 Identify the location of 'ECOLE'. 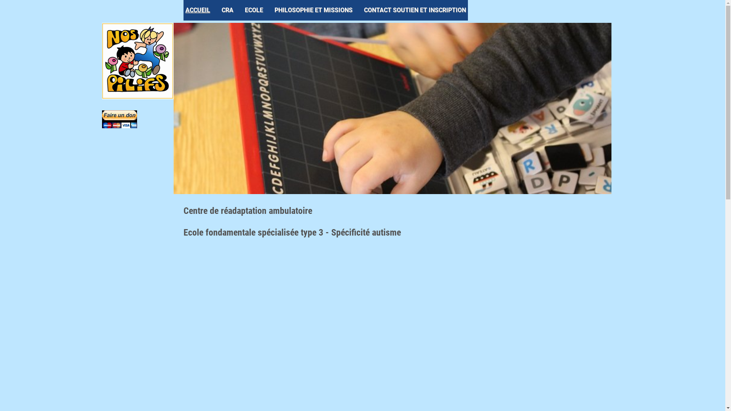
(254, 10).